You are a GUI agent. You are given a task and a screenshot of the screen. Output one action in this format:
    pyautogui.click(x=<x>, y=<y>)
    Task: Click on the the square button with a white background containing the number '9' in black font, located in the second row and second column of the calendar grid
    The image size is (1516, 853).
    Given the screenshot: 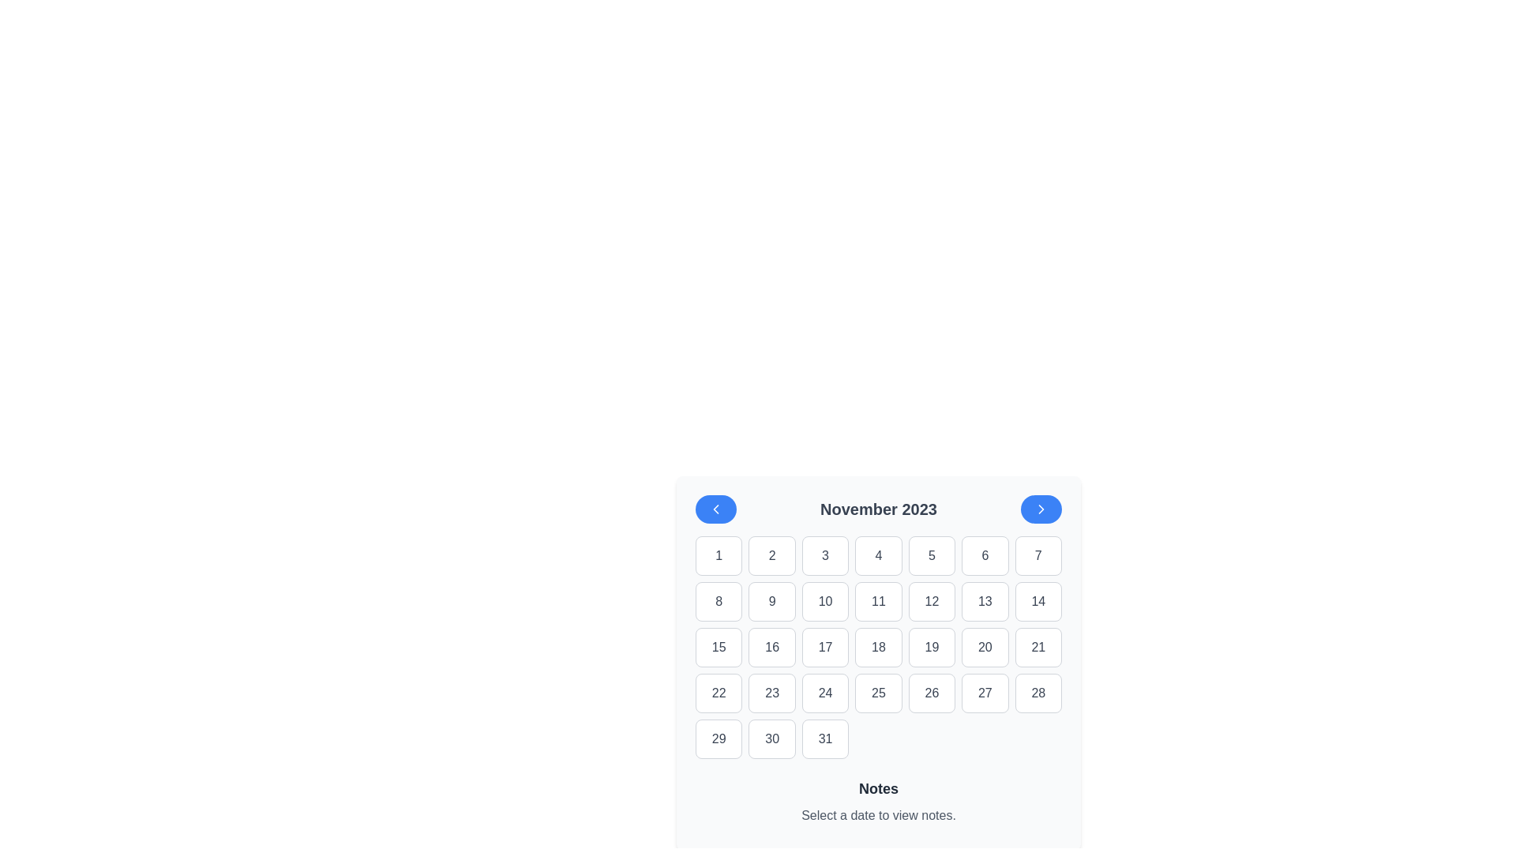 What is the action you would take?
    pyautogui.click(x=772, y=602)
    